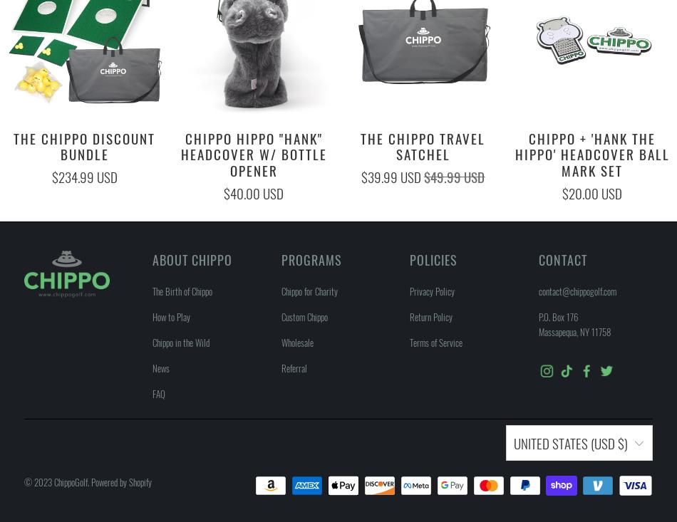  What do you see at coordinates (393, 176) in the screenshot?
I see `'$39.99 USD'` at bounding box center [393, 176].